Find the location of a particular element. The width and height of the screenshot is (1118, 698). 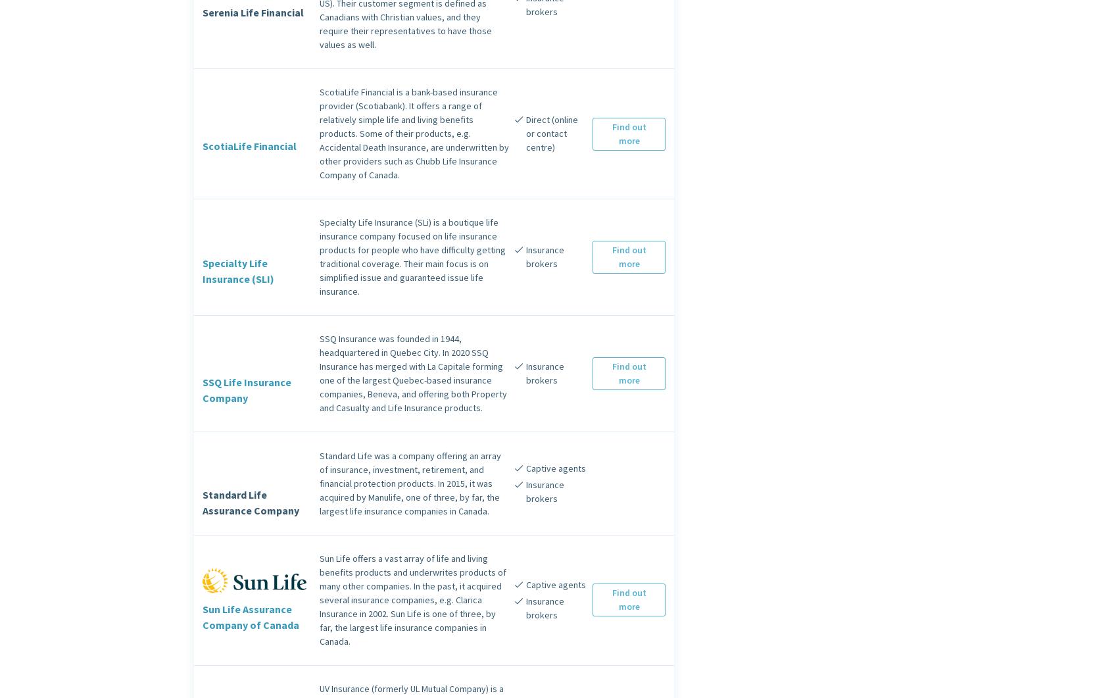

'ScotiaLife Financial is a bank-based insurance provider (Scotiabank). It offers a range of relatively simple life and living benefits products. Some of their products, e.g. Accidental Death Insurance, are underwritten by other providers such as Chubb Life Insurance Company of Canada.' is located at coordinates (414, 132).